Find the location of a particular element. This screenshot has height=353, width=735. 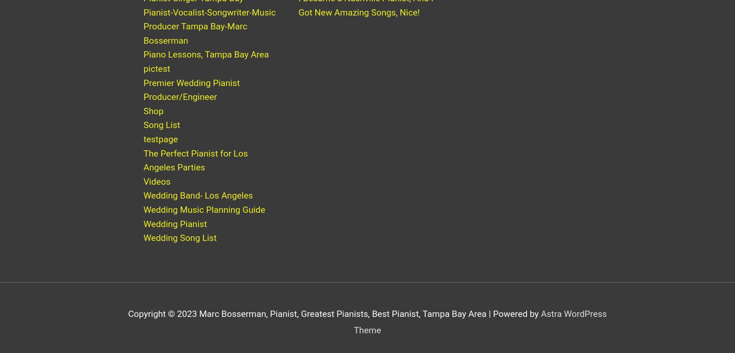

'Shop' is located at coordinates (153, 119).